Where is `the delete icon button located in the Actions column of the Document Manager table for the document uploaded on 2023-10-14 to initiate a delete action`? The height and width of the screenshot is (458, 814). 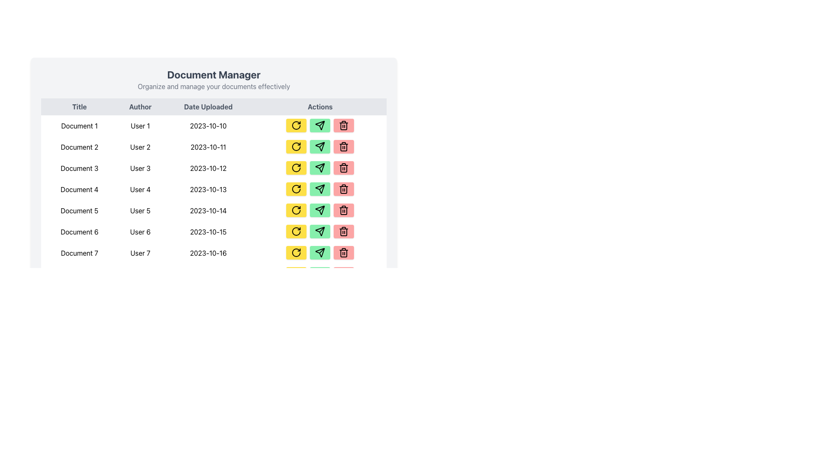
the delete icon button located in the Actions column of the Document Manager table for the document uploaded on 2023-10-14 to initiate a delete action is located at coordinates (344, 210).